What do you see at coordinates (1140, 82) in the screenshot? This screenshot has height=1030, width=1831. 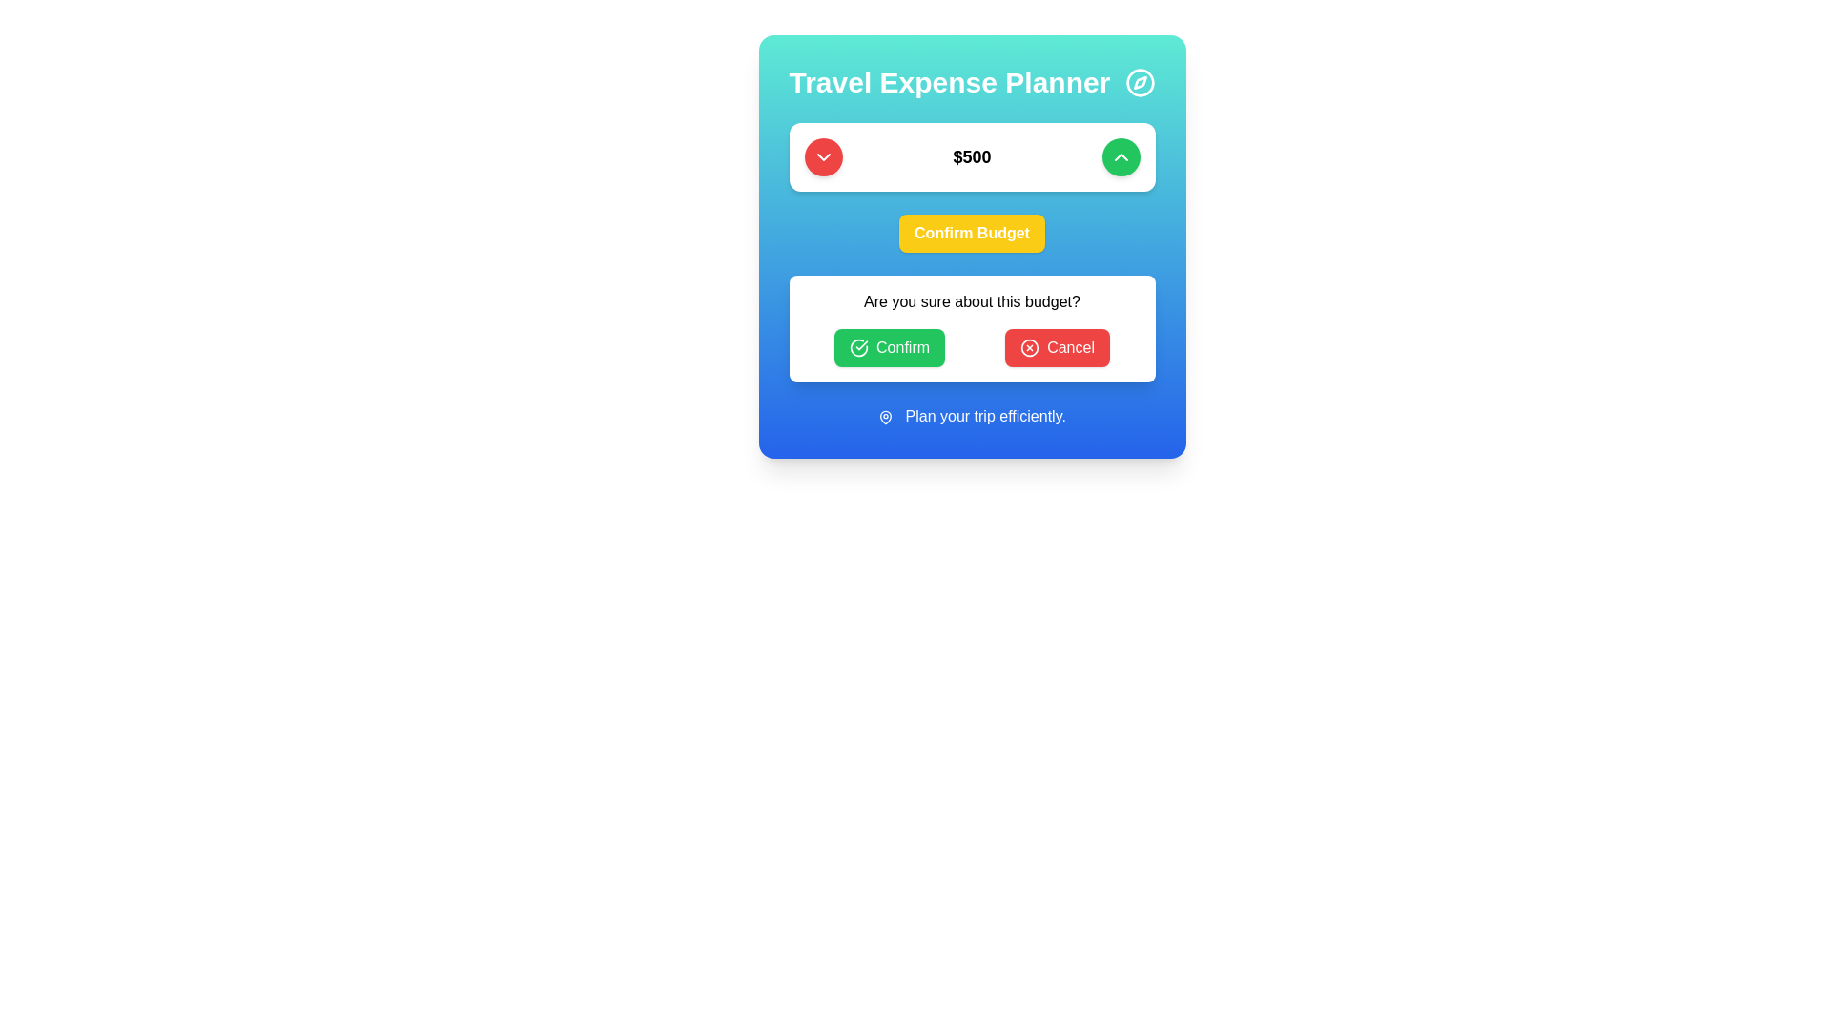 I see `the navigation icon located in the top-right corner of the 'Travel Expense Planner' component, adjacent to the title` at bounding box center [1140, 82].